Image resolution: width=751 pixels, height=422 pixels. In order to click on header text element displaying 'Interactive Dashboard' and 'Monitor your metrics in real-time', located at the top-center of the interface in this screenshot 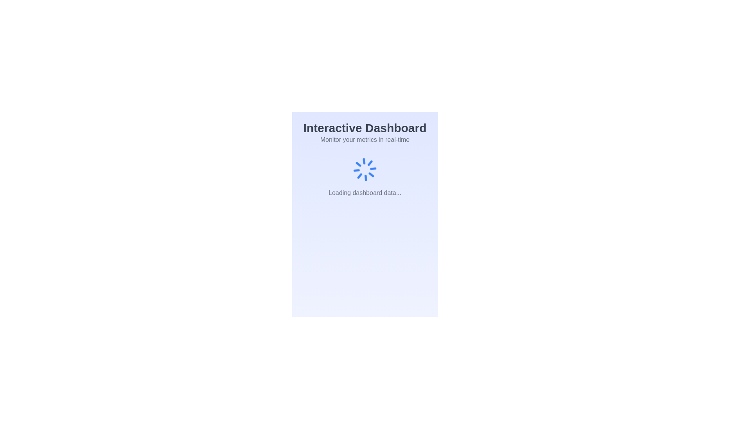, I will do `click(364, 132)`.